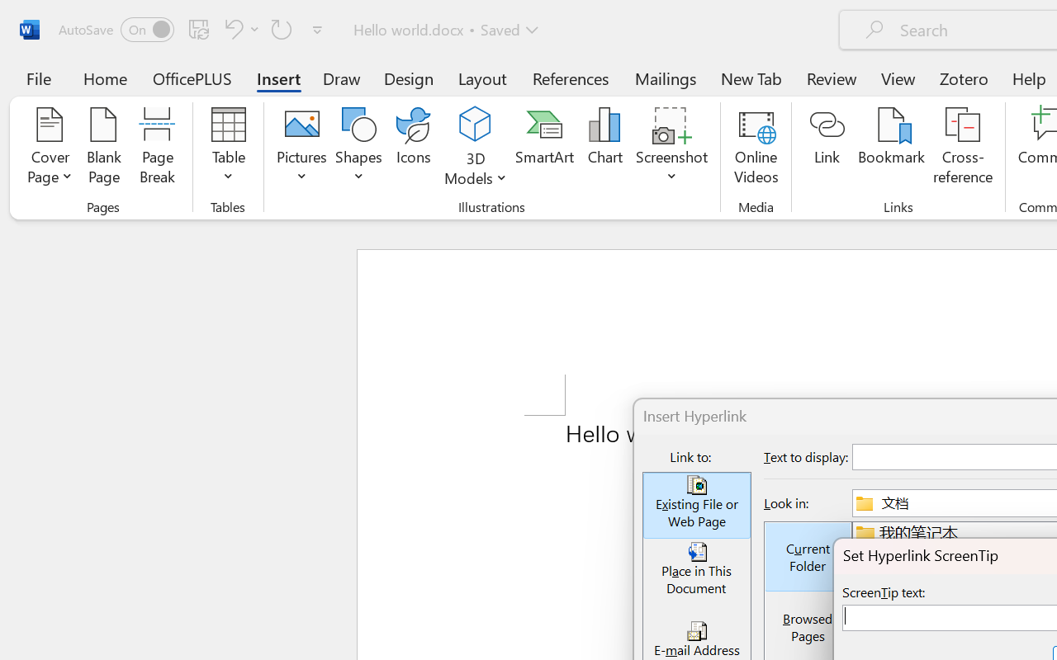  What do you see at coordinates (475, 125) in the screenshot?
I see `'3D Models'` at bounding box center [475, 125].